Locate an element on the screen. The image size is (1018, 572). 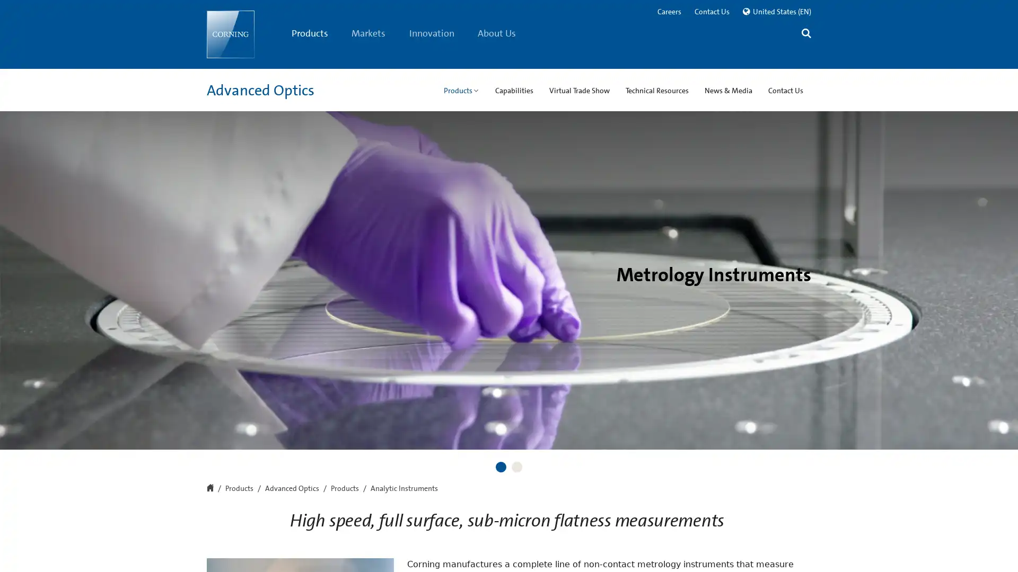
Close is located at coordinates (1000, 548).